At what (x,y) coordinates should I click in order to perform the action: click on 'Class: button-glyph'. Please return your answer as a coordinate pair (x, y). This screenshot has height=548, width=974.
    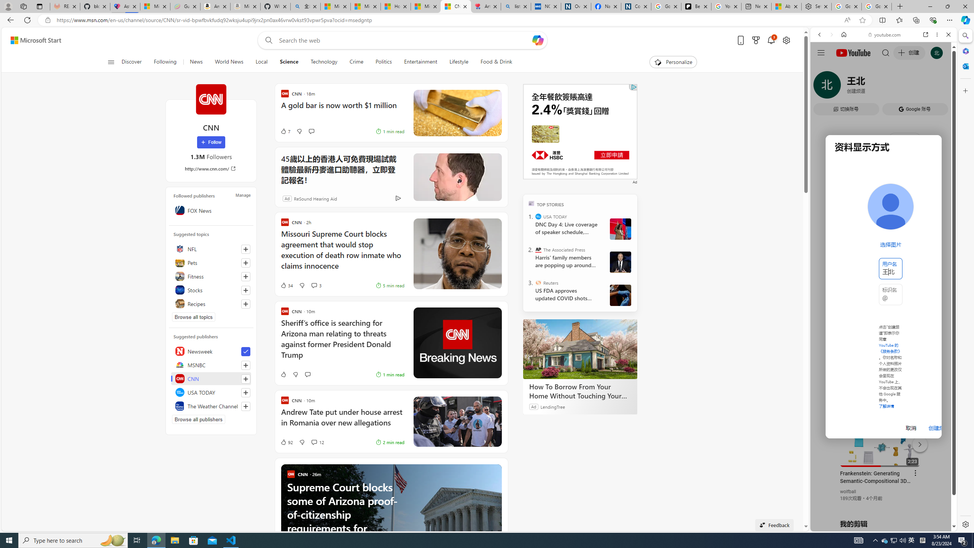
    Looking at the image, I should click on (110, 62).